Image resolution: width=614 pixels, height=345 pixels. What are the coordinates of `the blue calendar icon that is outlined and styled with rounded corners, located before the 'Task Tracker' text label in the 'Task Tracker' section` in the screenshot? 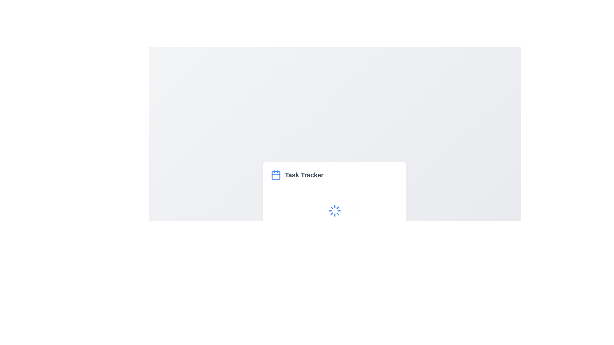 It's located at (276, 175).